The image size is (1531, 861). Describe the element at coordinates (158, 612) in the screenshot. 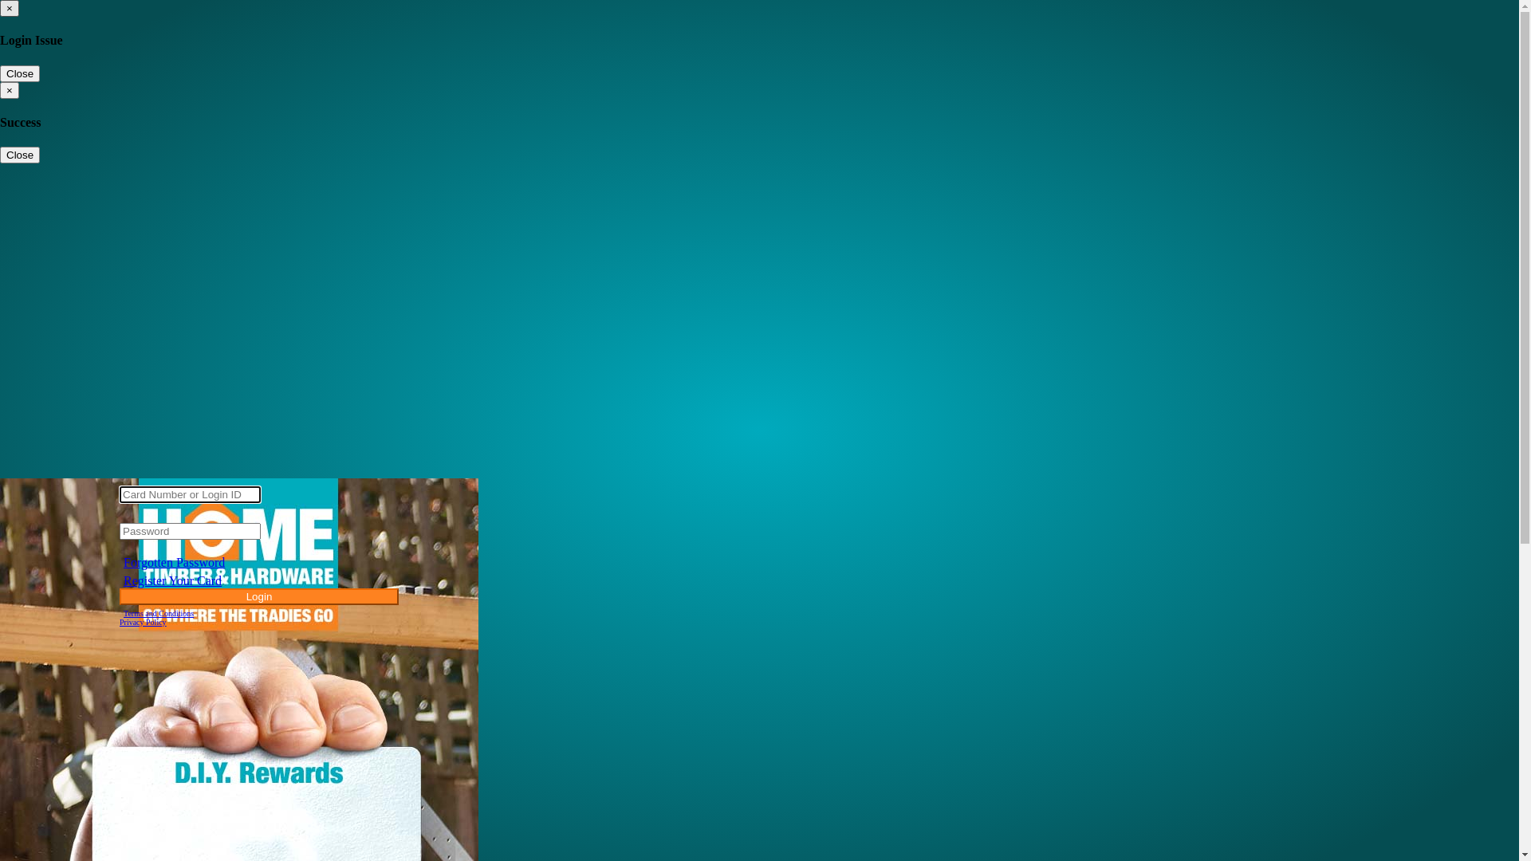

I see `'Terms and Conditions'` at that location.